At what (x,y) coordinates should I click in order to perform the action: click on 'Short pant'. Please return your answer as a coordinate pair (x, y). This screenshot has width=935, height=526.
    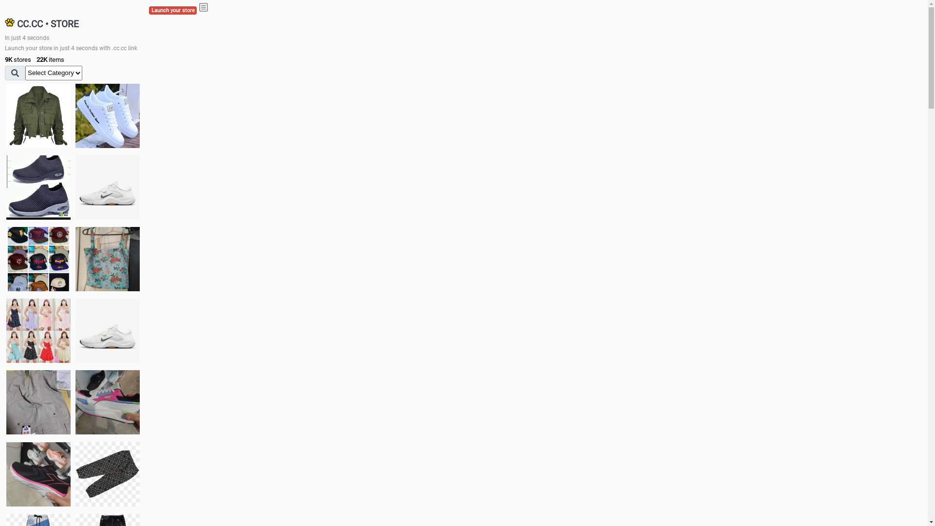
    Looking at the image, I should click on (107, 473).